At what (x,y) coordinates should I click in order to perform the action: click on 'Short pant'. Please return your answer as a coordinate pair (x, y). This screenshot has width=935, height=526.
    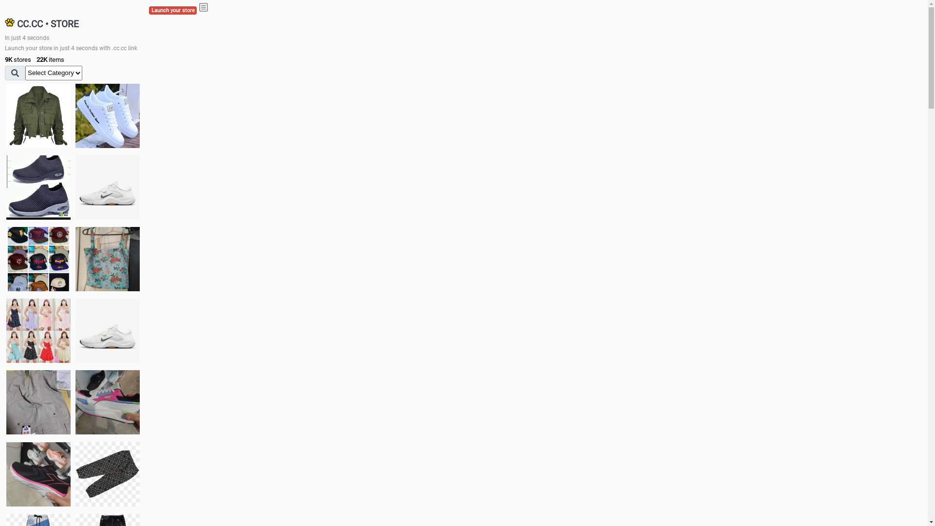
    Looking at the image, I should click on (107, 473).